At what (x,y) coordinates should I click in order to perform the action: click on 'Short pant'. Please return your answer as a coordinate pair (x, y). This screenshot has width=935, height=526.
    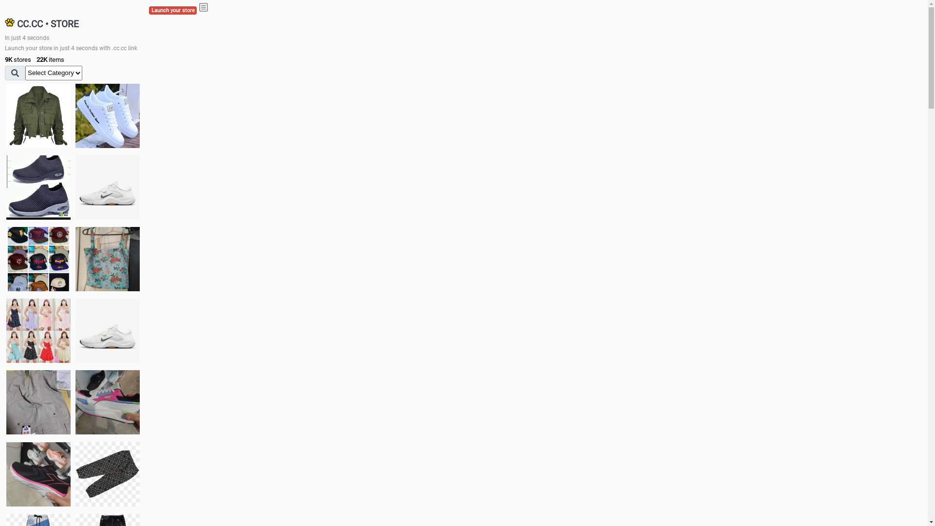
    Looking at the image, I should click on (107, 473).